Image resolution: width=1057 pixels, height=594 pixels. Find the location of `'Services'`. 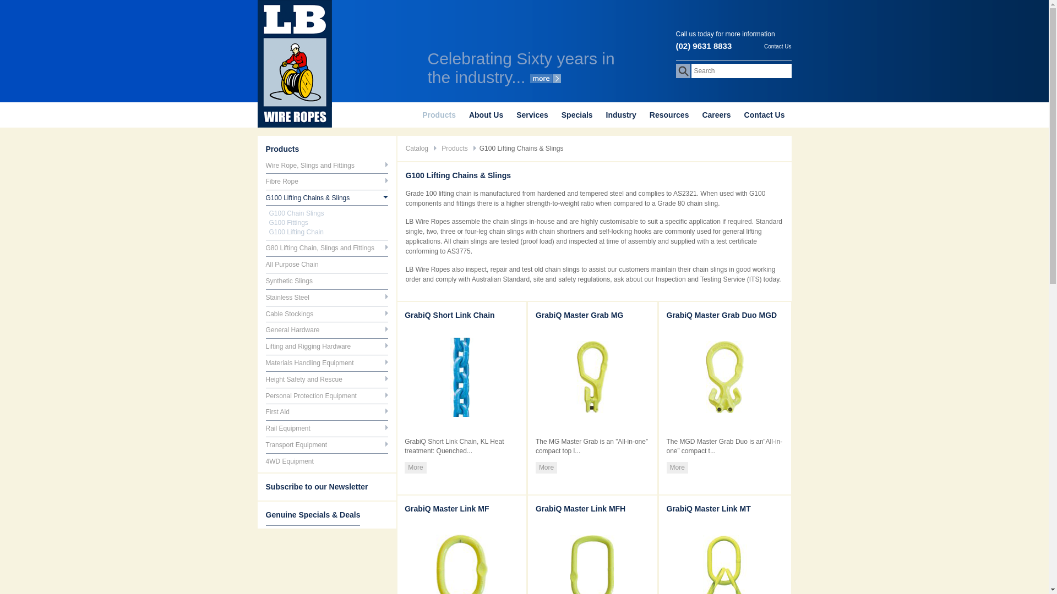

'Services' is located at coordinates (532, 114).